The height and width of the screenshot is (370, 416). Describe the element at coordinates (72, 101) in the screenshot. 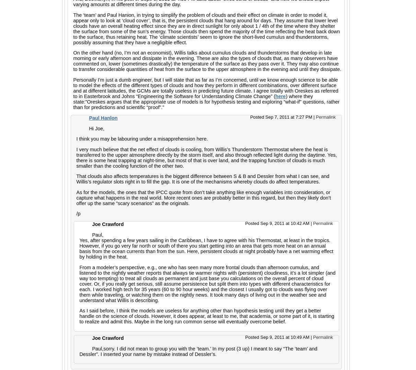

I see `') where they state:”Oreskes argues that the appropriate use of models is for hypothesis testing and exploring “what-if” questions, rather than for predictions and scientific “proof”.”'` at that location.